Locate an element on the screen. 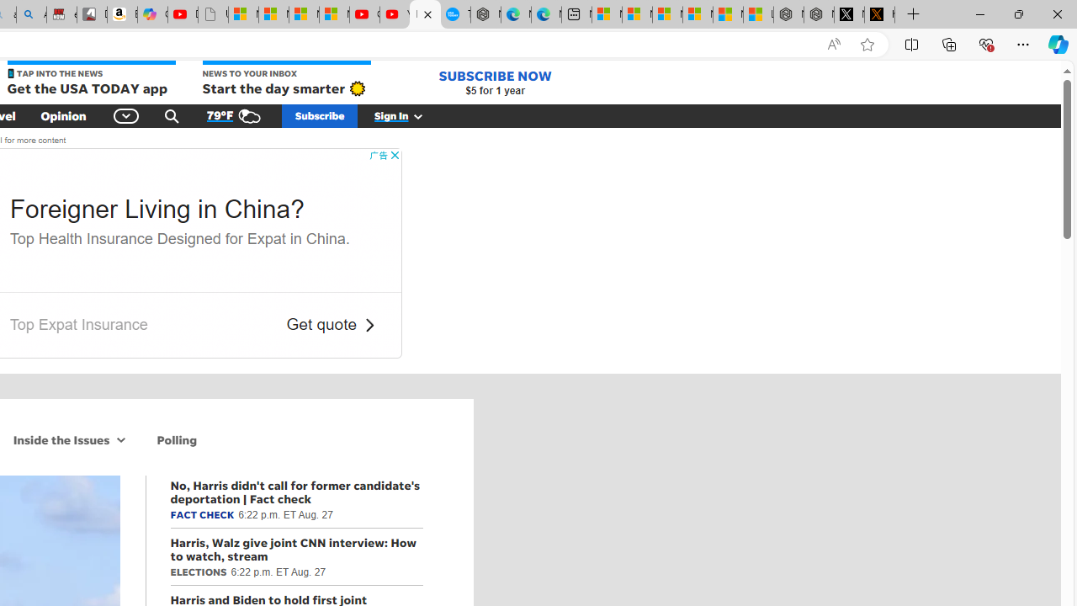 The width and height of the screenshot is (1077, 606). 'Inside the Issues' is located at coordinates (59, 439).